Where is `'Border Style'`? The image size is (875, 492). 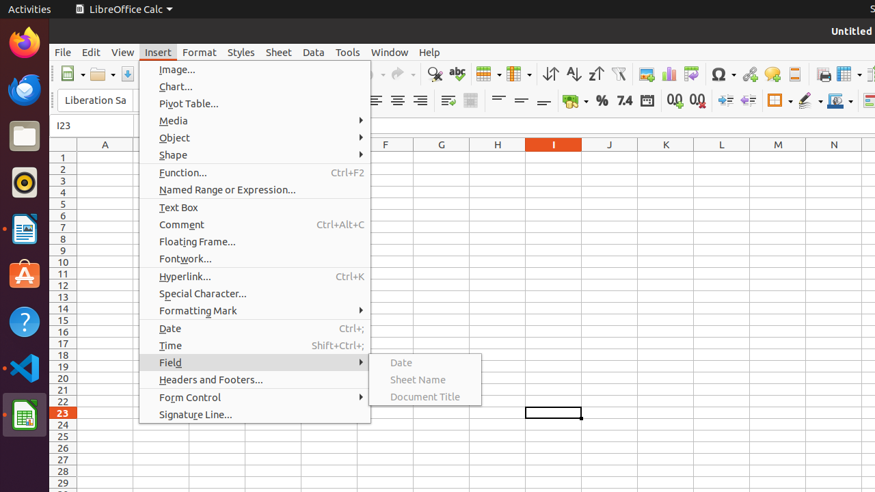 'Border Style' is located at coordinates (810, 100).